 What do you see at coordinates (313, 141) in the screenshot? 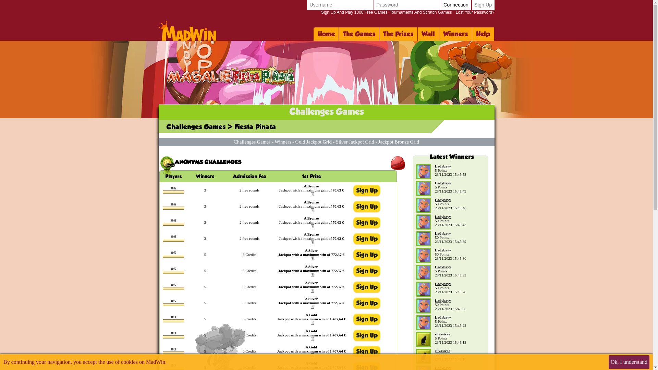
I see `'Gold Jackpot Grid'` at bounding box center [313, 141].